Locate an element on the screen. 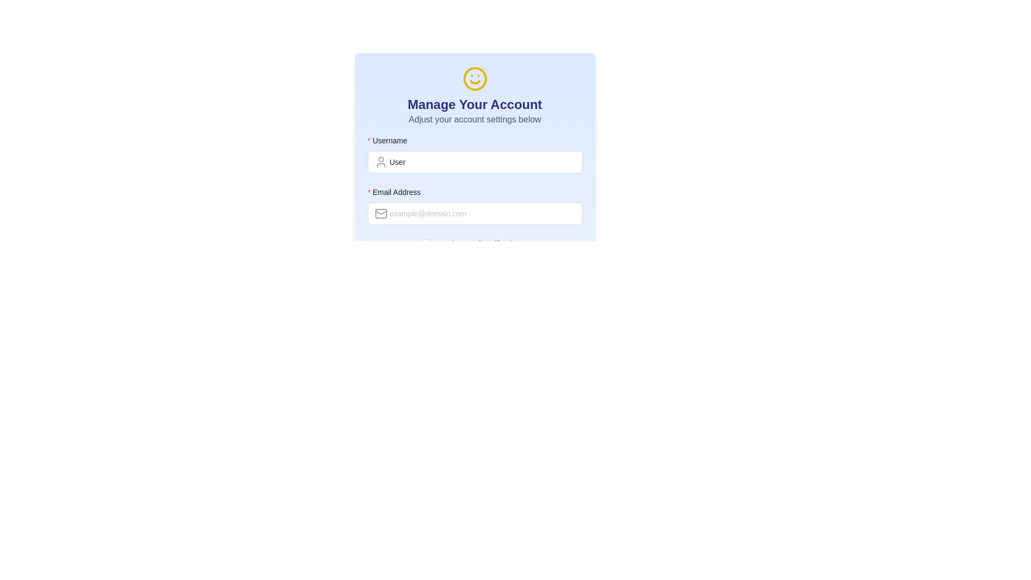 The width and height of the screenshot is (1031, 580). the input field within the vertical form layout for editing user information, which is positioned beneath 'Adjust your account settings below' is located at coordinates (474, 204).